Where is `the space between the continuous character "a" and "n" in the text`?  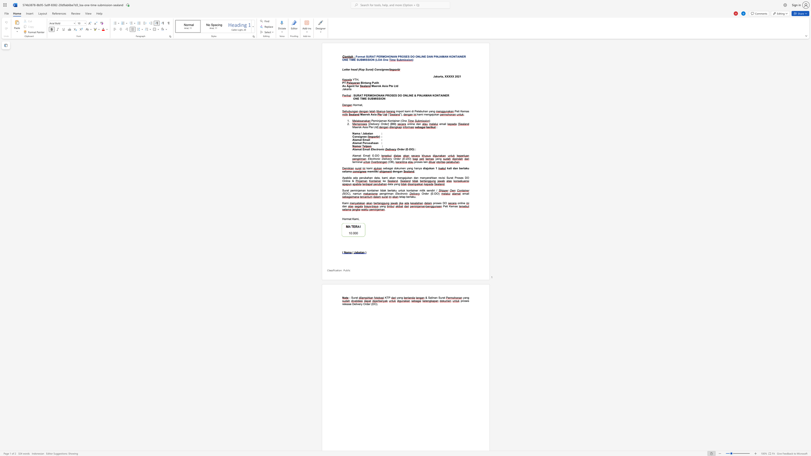
the space between the continuous character "a" and "n" in the text is located at coordinates (397, 184).